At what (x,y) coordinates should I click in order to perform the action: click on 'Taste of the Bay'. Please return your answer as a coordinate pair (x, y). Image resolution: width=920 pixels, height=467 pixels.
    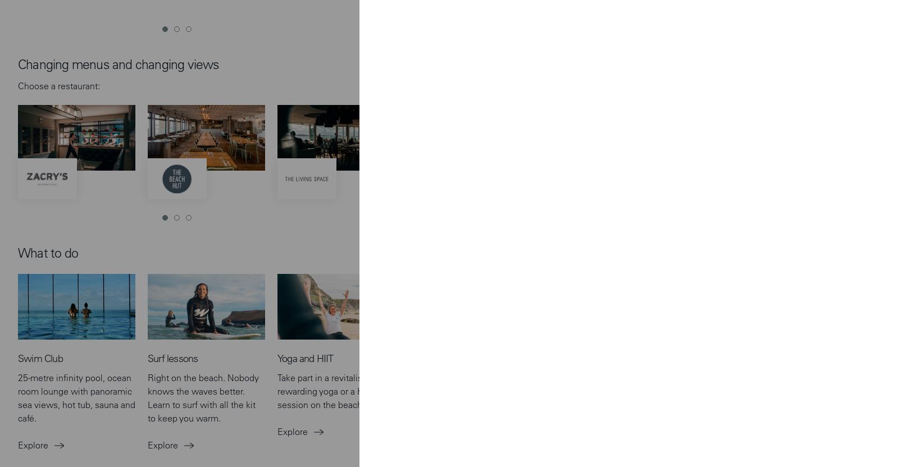
    Looking at the image, I should click on (56, 171).